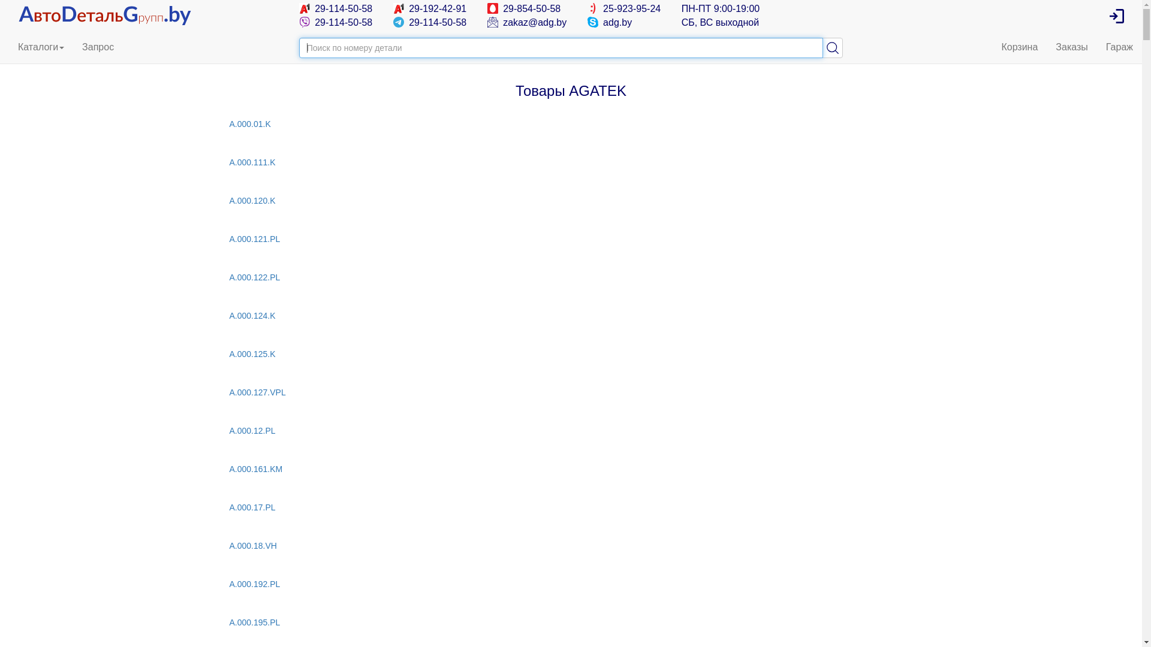  What do you see at coordinates (336, 22) in the screenshot?
I see `'29-114-50-58'` at bounding box center [336, 22].